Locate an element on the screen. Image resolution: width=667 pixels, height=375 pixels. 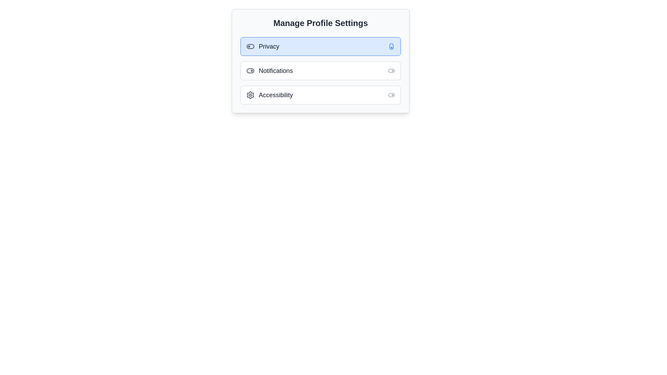
the toggle switch for Notifications to change its state from On to Off or vice versa is located at coordinates (250, 71).